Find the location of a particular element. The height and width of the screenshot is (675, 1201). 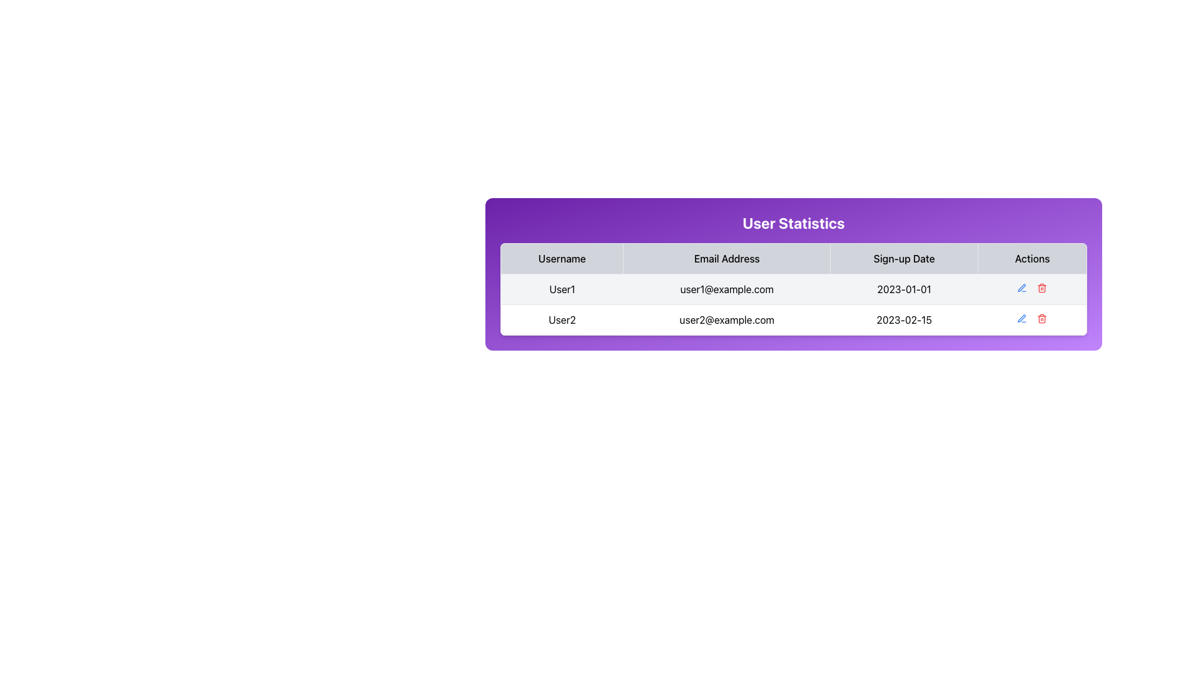

the user's email address located in the second cell of the second row in the table under the 'Email Address' column is located at coordinates (727, 289).